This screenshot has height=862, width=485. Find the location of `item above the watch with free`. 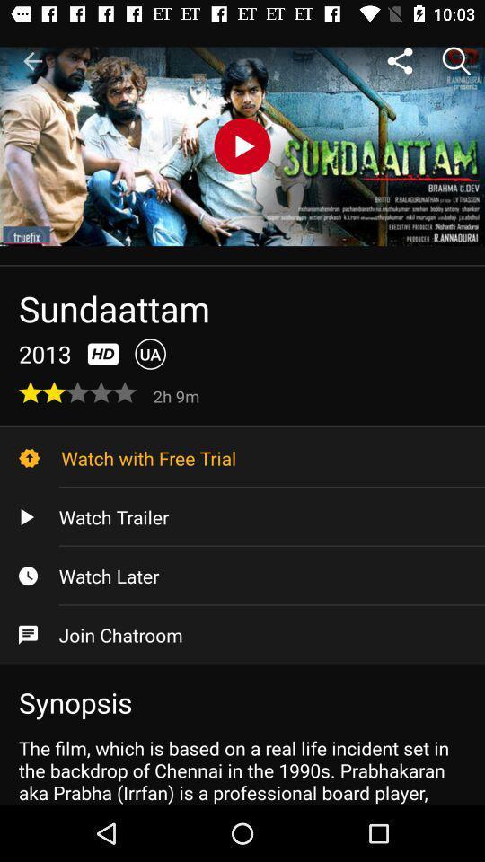

item above the watch with free is located at coordinates (178, 395).